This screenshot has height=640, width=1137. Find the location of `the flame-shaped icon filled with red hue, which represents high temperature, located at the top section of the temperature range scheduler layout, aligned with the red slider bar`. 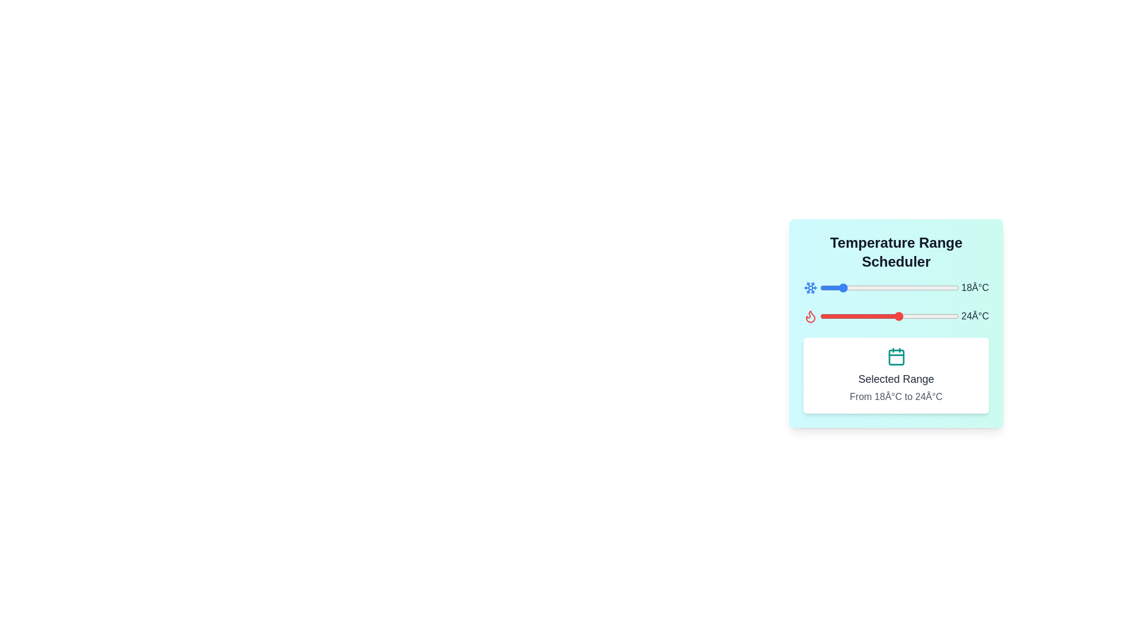

the flame-shaped icon filled with red hue, which represents high temperature, located at the top section of the temperature range scheduler layout, aligned with the red slider bar is located at coordinates (810, 316).